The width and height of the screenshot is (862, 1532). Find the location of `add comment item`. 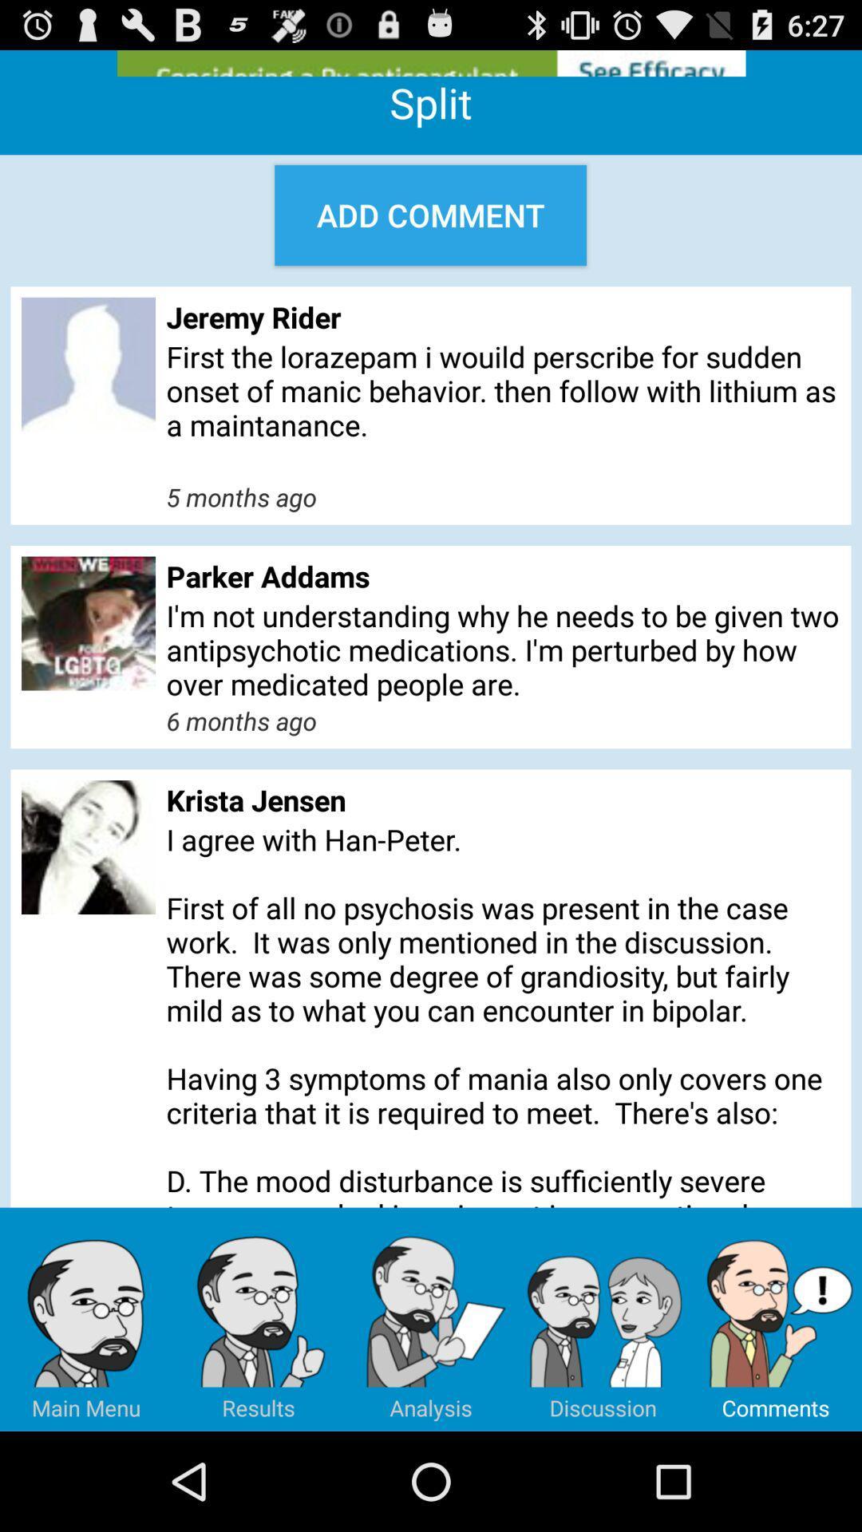

add comment item is located at coordinates (429, 214).